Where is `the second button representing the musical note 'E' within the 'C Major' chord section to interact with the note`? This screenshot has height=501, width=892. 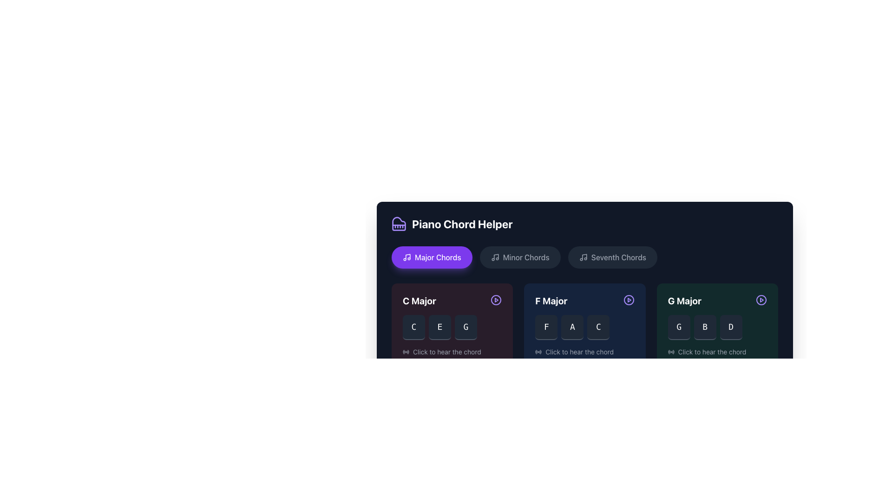 the second button representing the musical note 'E' within the 'C Major' chord section to interact with the note is located at coordinates (439, 327).